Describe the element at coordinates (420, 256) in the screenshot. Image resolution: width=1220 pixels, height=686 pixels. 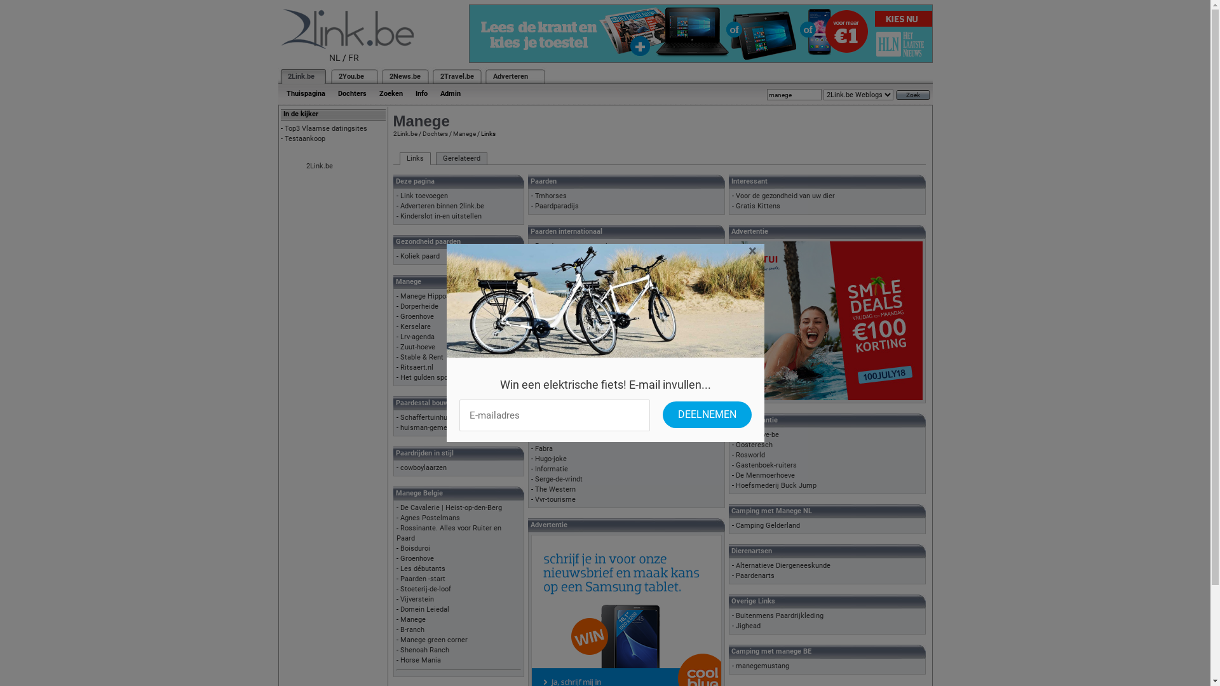
I see `'Koliek paard'` at that location.